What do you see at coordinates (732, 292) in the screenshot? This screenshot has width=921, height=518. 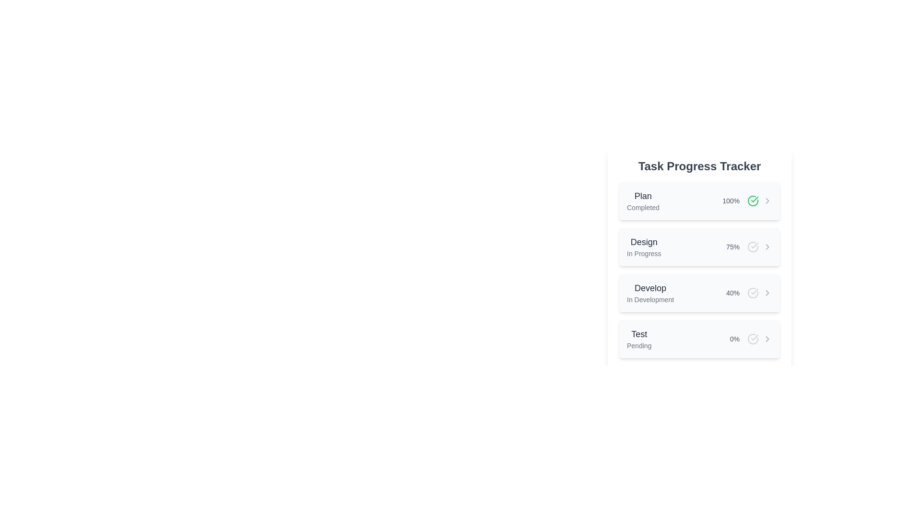 I see `the text label displaying '40%' that indicates the progress status of the 'Develop' task, which is styled in gray and positioned as the first component in its horizontal group` at bounding box center [732, 292].